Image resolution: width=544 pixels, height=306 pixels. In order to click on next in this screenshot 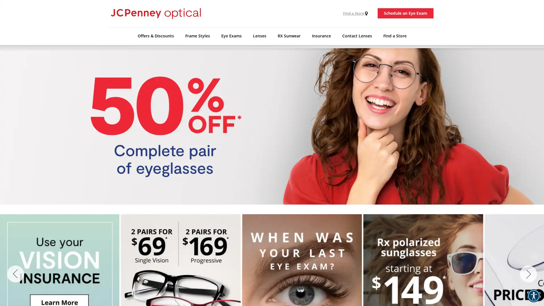, I will do `click(528, 274)`.